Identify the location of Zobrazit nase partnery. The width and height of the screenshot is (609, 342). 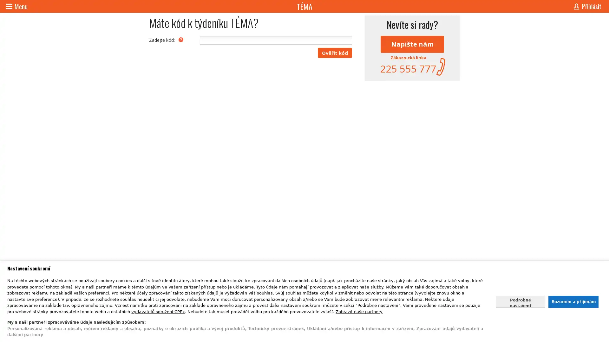
(359, 311).